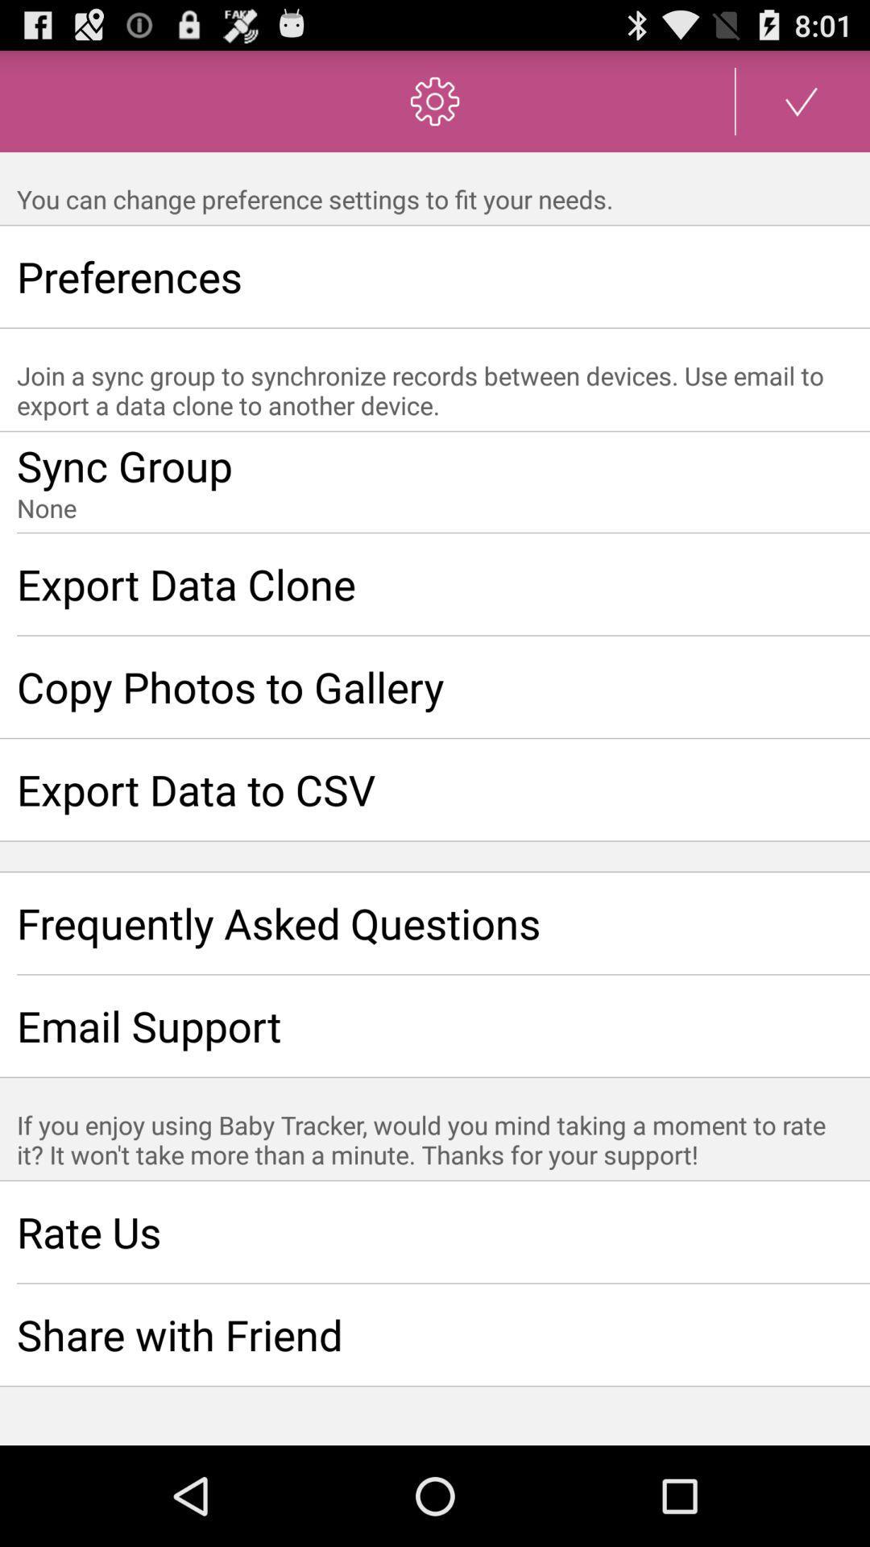 The height and width of the screenshot is (1547, 870). Describe the element at coordinates (802, 100) in the screenshot. I see `confirm` at that location.